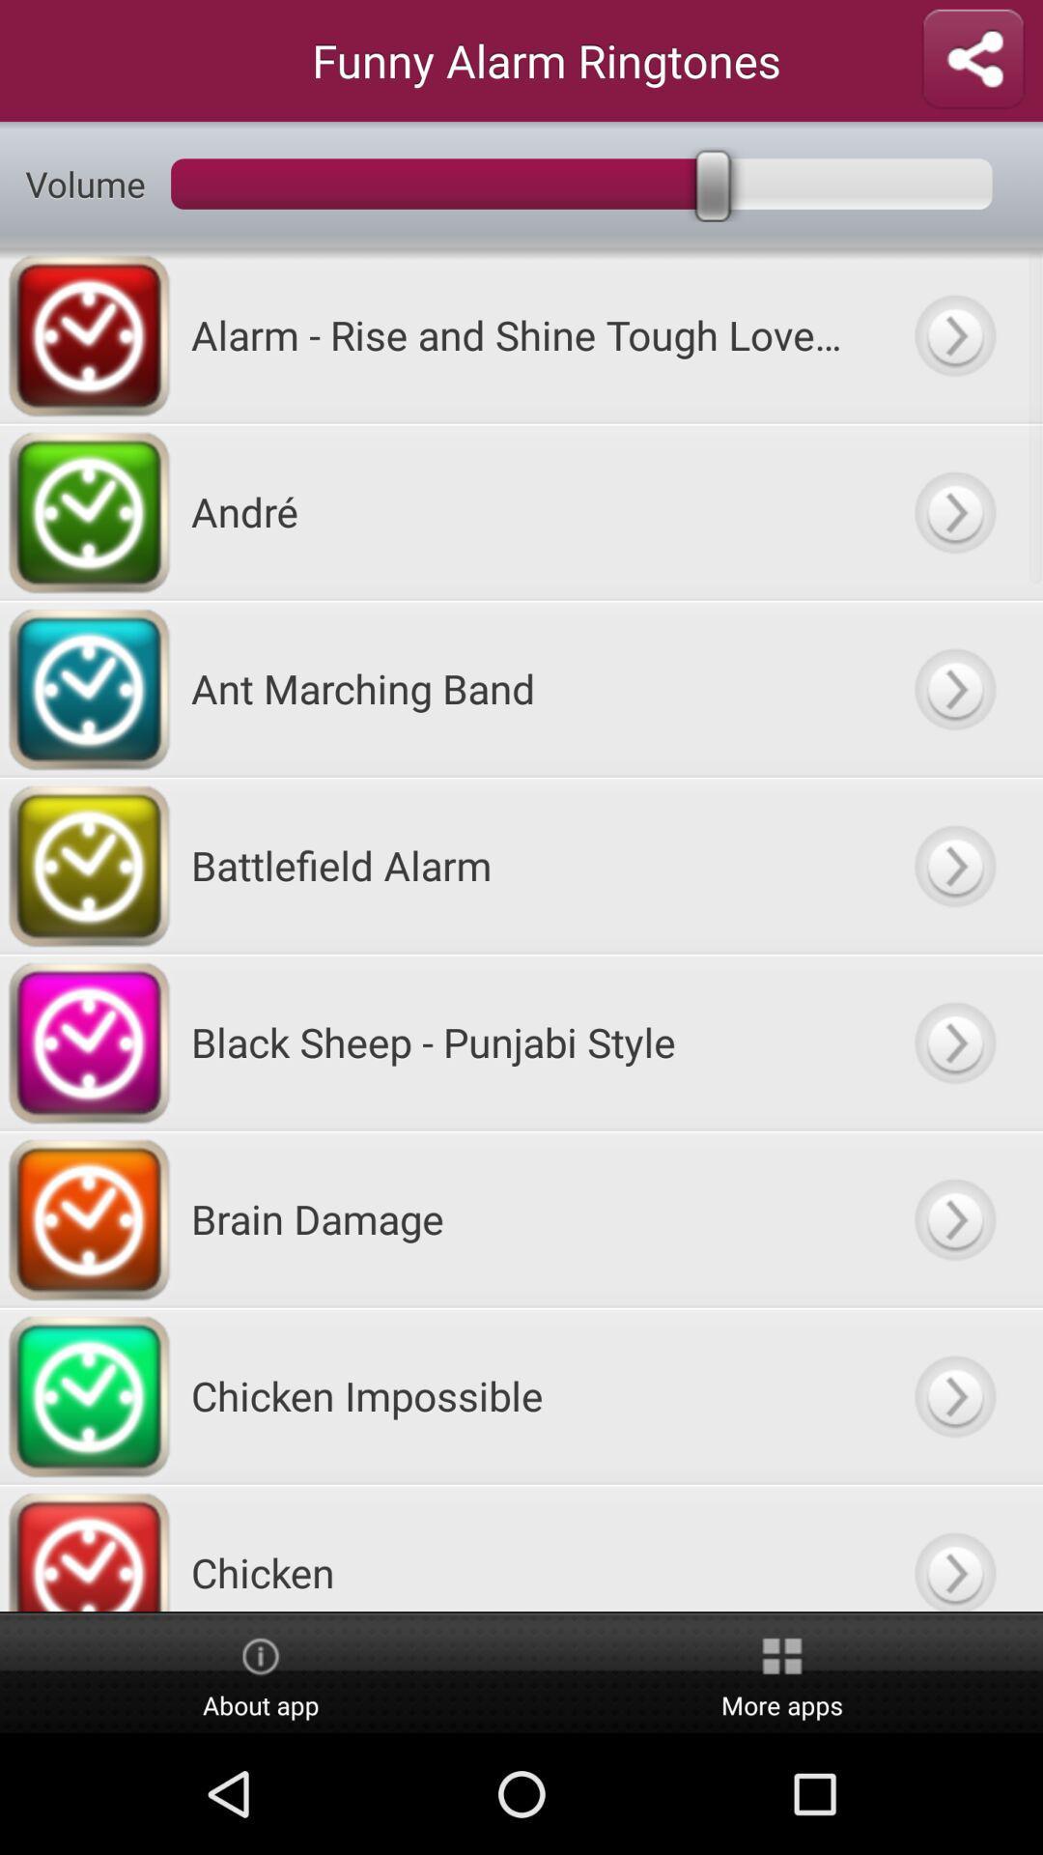  Describe the element at coordinates (953, 1041) in the screenshot. I see `goto option` at that location.